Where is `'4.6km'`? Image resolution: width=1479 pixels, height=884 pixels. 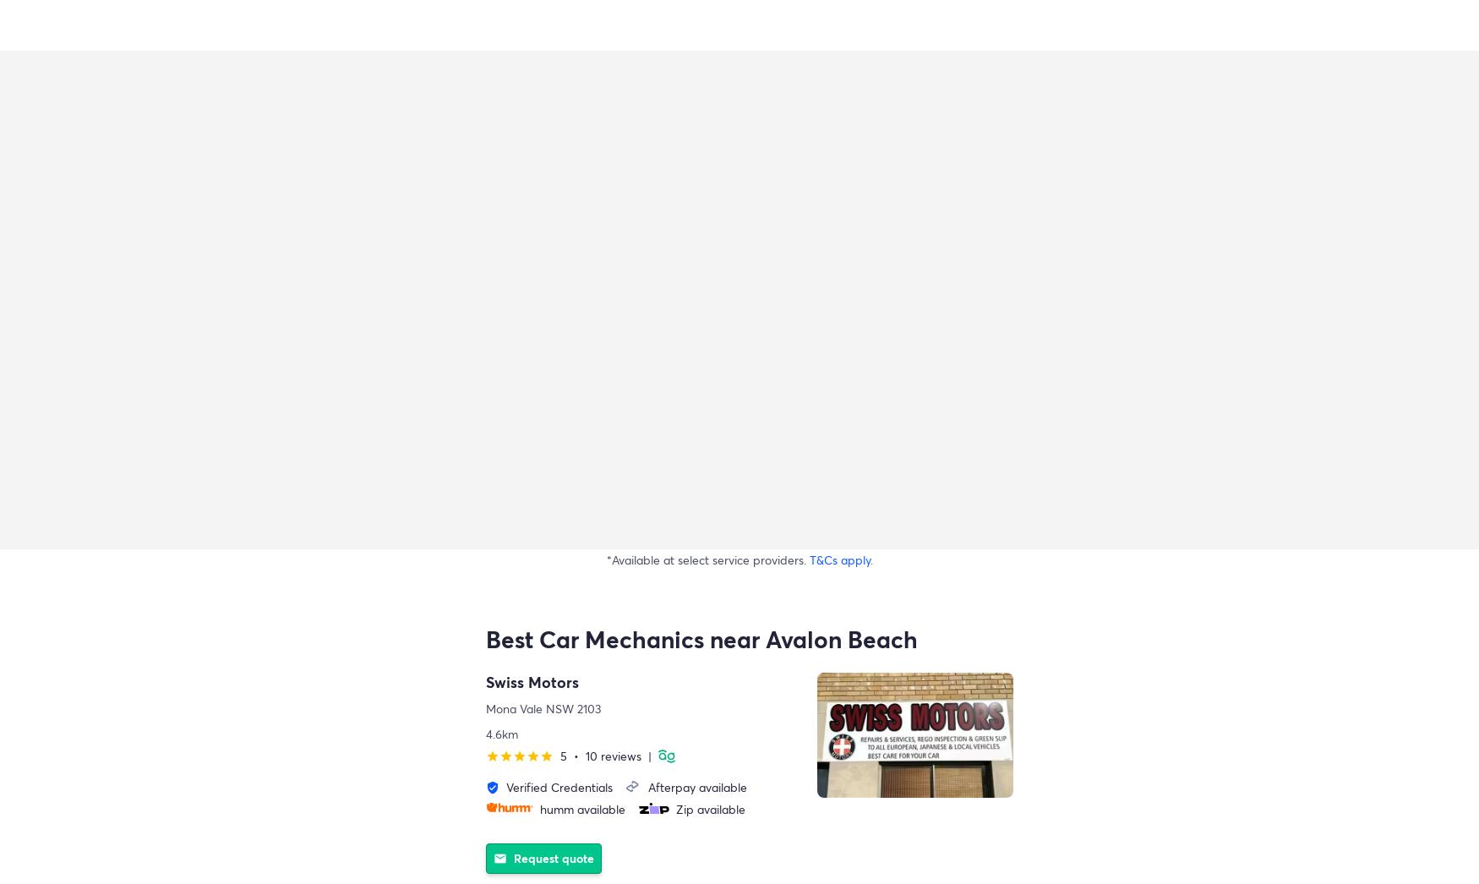
'4.6km' is located at coordinates (501, 733).